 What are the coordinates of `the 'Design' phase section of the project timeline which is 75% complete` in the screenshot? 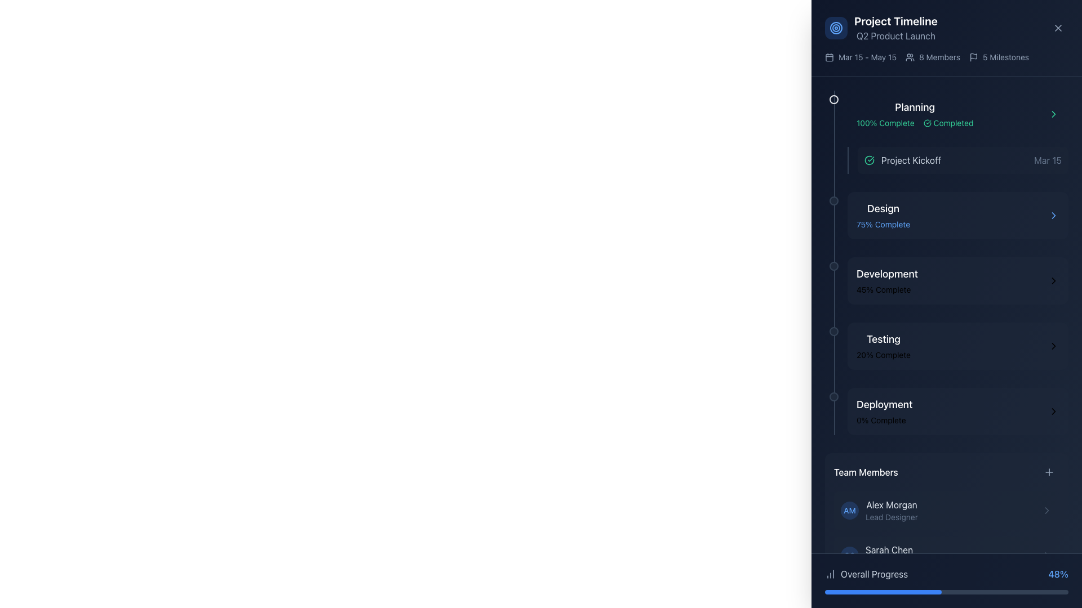 It's located at (957, 215).